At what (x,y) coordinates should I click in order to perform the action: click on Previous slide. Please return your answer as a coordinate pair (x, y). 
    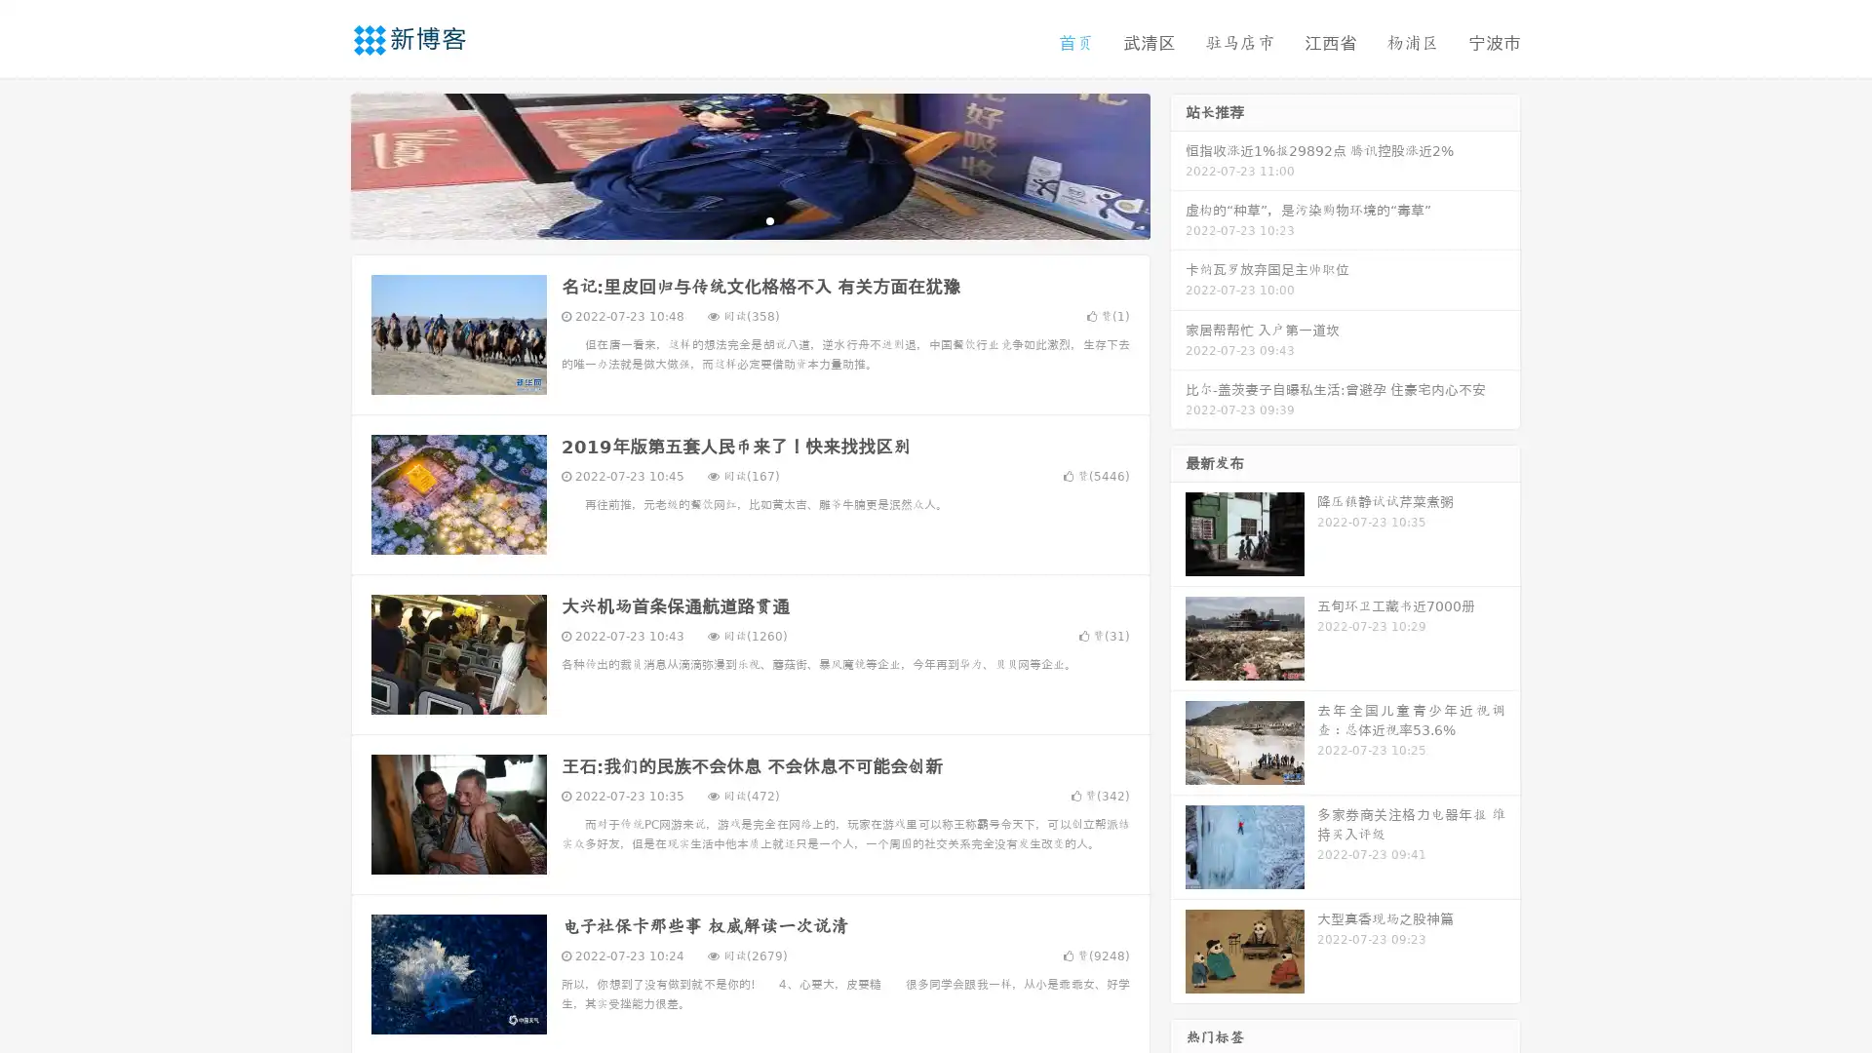
    Looking at the image, I should click on (322, 164).